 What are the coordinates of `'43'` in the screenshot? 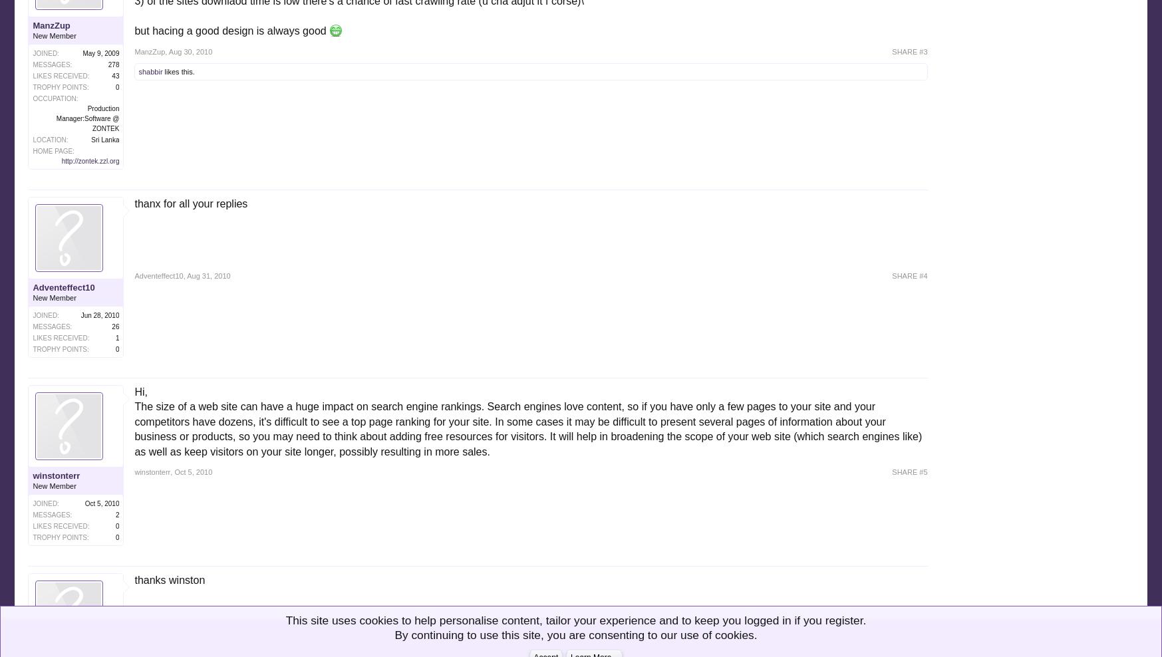 It's located at (111, 75).